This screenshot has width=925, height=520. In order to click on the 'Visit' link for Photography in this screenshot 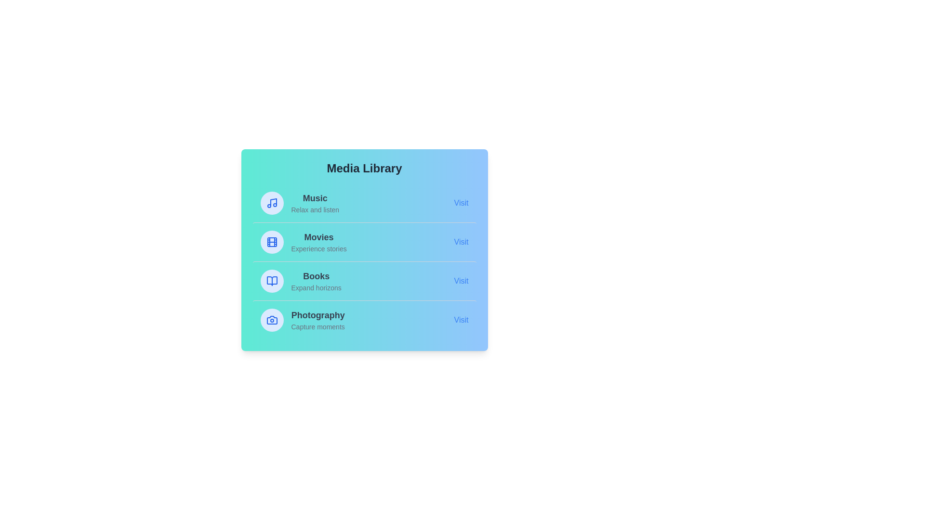, I will do `click(461, 320)`.